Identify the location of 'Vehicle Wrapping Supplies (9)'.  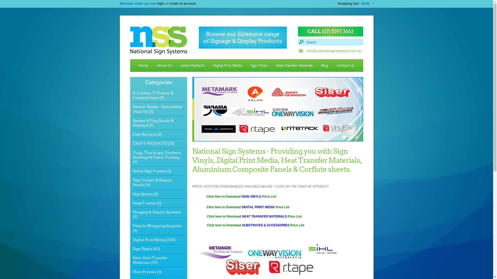
(157, 228).